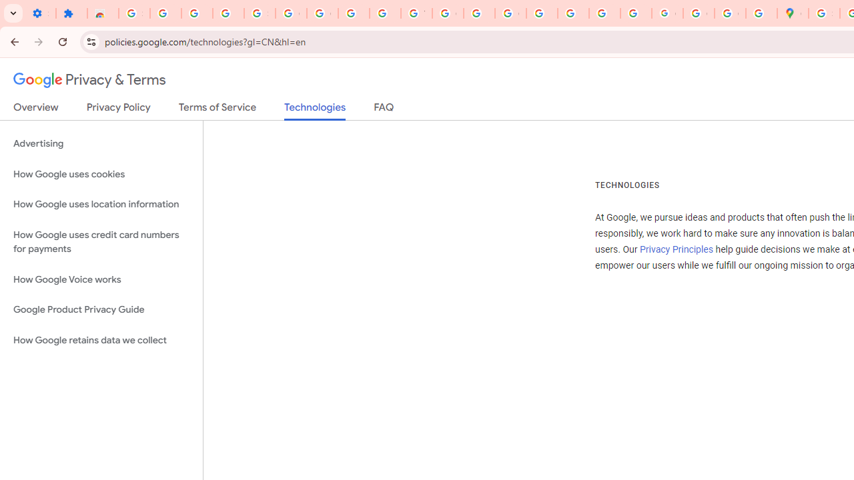  What do you see at coordinates (314, 110) in the screenshot?
I see `'Technologies'` at bounding box center [314, 110].